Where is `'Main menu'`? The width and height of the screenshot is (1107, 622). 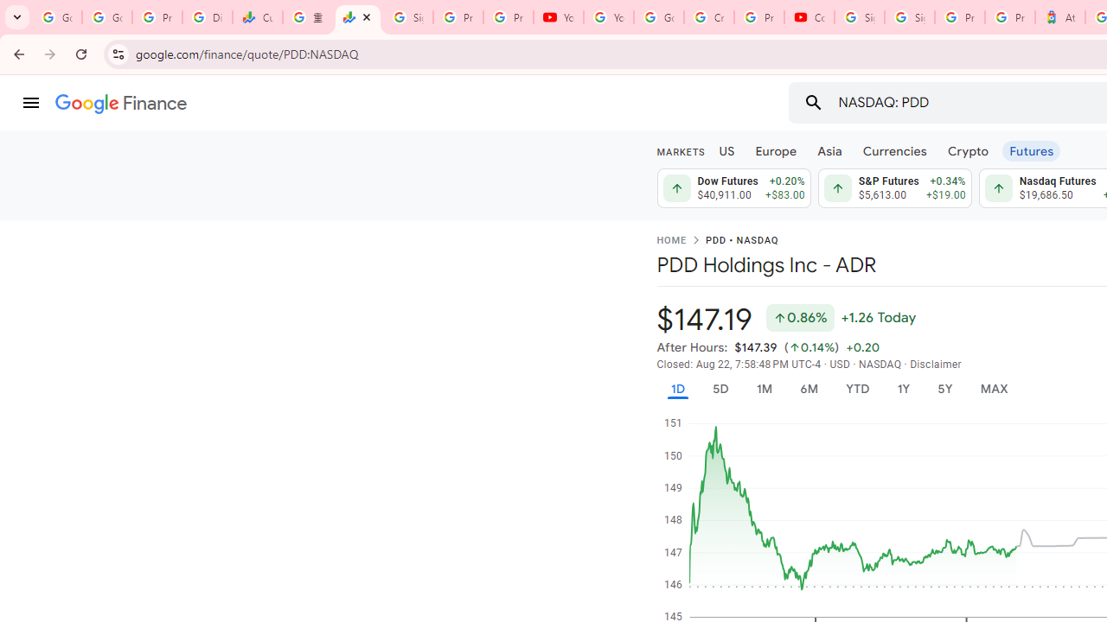
'Main menu' is located at coordinates (30, 103).